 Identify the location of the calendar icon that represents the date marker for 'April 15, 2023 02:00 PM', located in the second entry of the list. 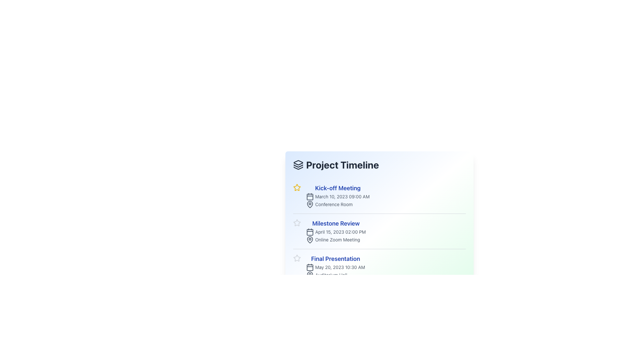
(309, 232).